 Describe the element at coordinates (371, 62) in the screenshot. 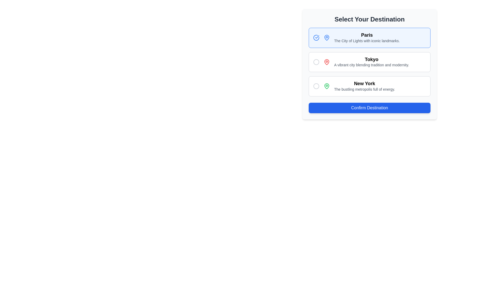

I see `the label displaying the title 'Tokyo' and its subtitle 'A vibrant city blending tradition and modernity.'` at that location.